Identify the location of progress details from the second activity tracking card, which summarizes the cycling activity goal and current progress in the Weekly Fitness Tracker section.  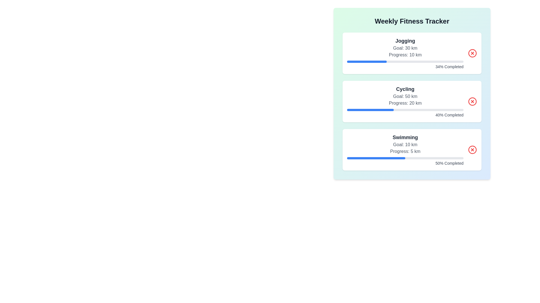
(412, 102).